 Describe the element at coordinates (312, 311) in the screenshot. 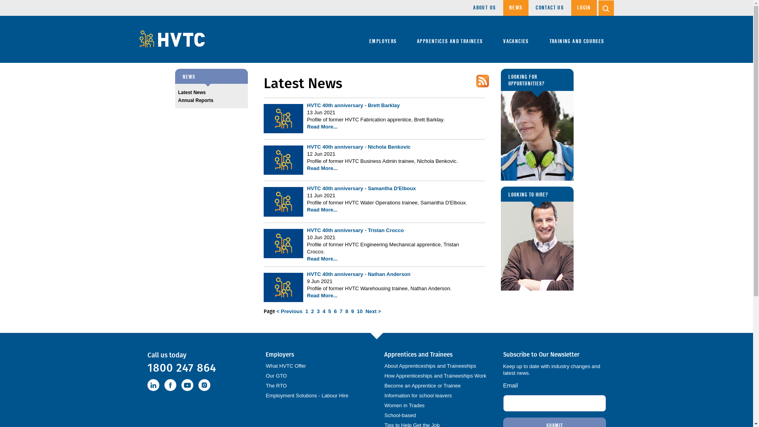

I see `'2'` at that location.